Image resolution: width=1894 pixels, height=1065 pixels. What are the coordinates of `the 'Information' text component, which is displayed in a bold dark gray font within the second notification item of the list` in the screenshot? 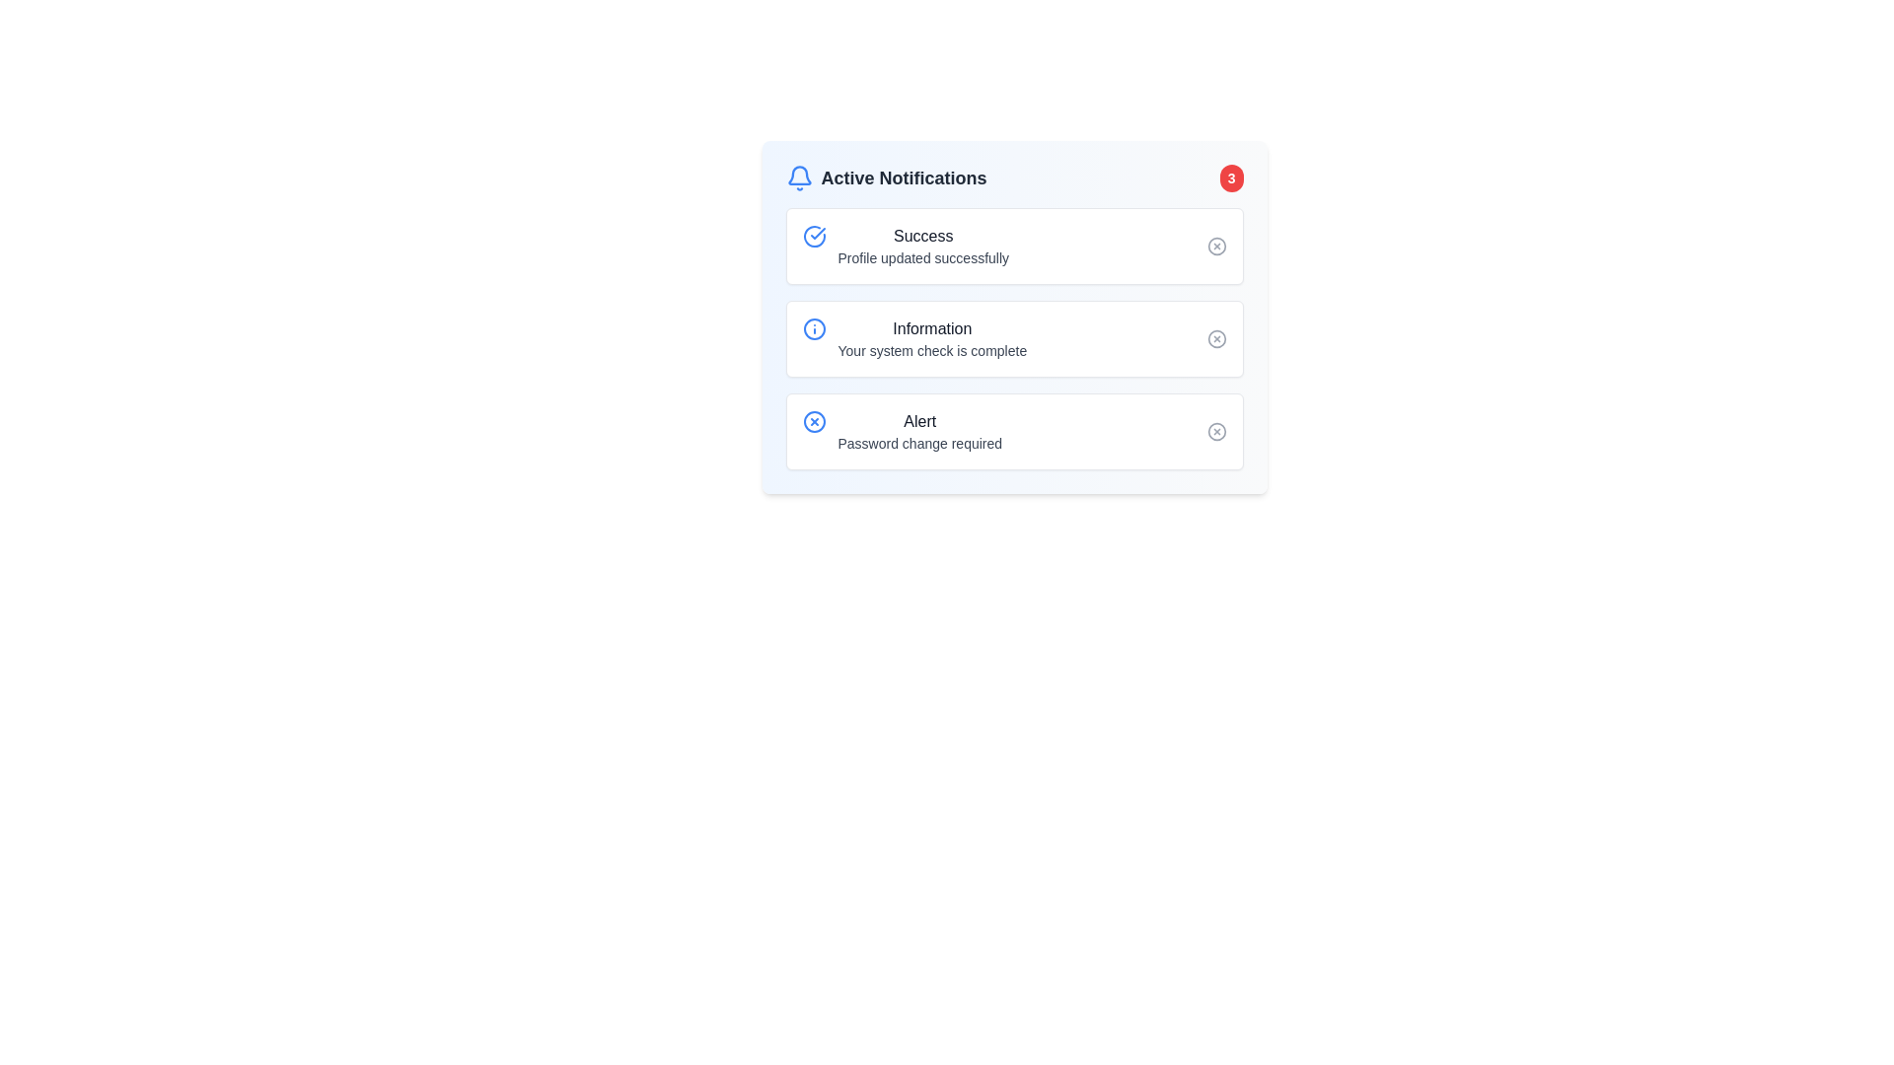 It's located at (931, 328).